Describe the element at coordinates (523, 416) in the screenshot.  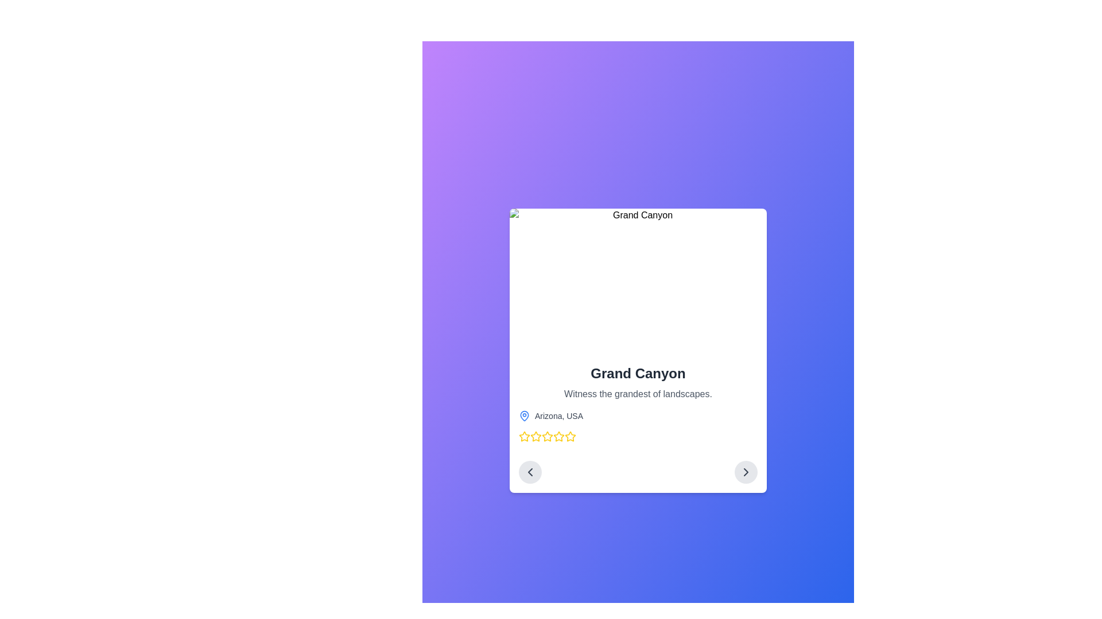
I see `the location icon situated in the mid-lower section of the card, immediately to the left of the text 'Arizona, USA'` at that location.